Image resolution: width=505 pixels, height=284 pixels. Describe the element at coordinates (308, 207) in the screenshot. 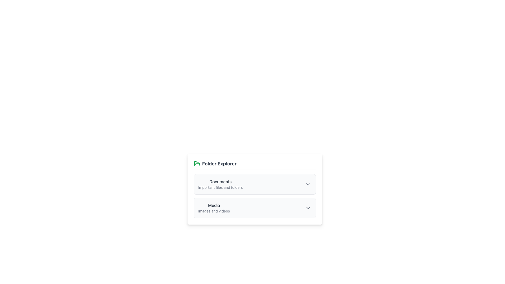

I see `the Chevron icon located at the rightmost edge of the 'Media' button` at that location.